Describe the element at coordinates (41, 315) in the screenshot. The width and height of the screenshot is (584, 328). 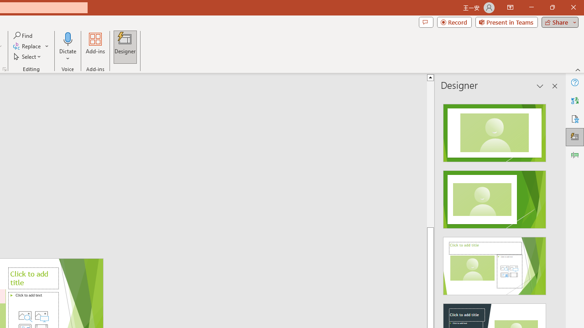
I see `'Pictures'` at that location.